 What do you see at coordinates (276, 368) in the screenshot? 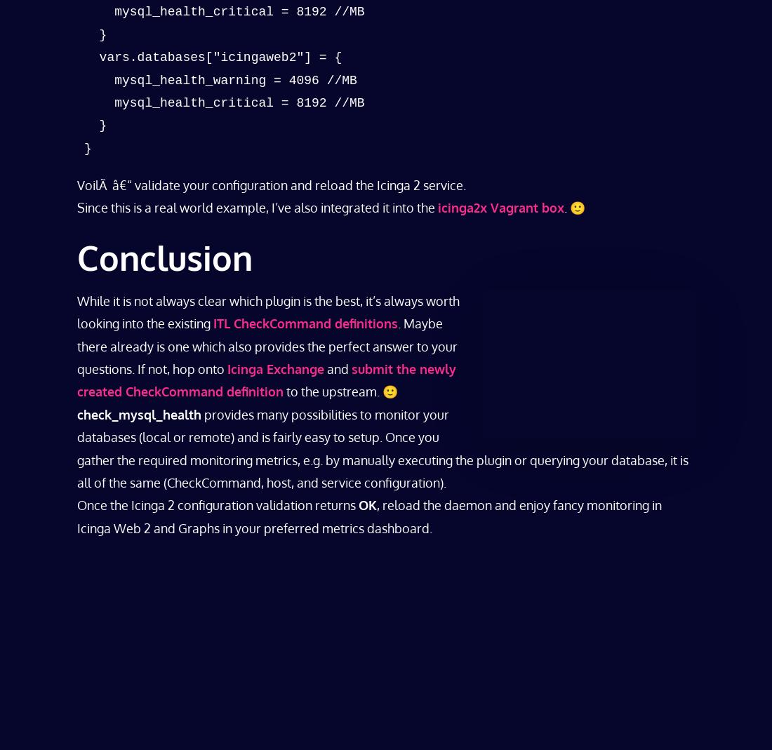
I see `'Icinga Exchange'` at bounding box center [276, 368].